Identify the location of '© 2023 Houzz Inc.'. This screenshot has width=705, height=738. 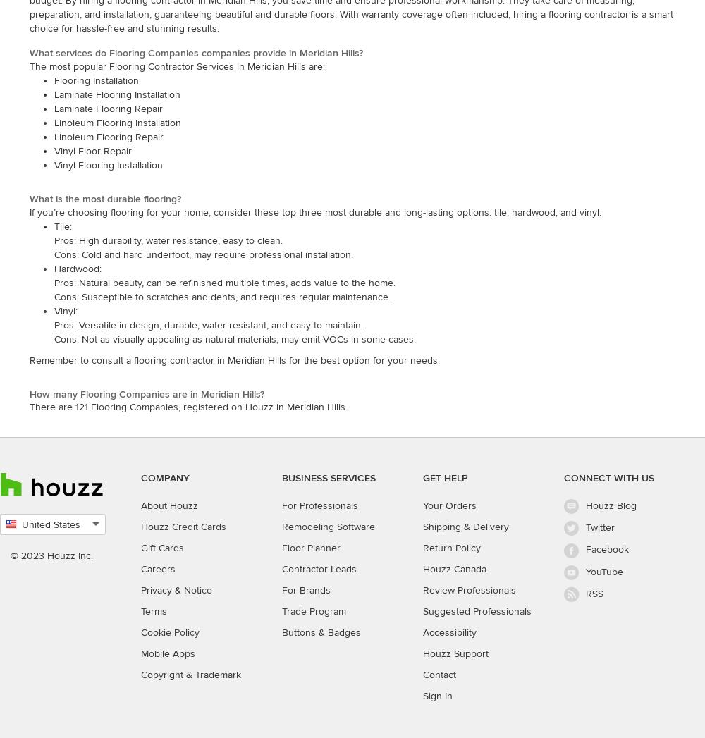
(11, 555).